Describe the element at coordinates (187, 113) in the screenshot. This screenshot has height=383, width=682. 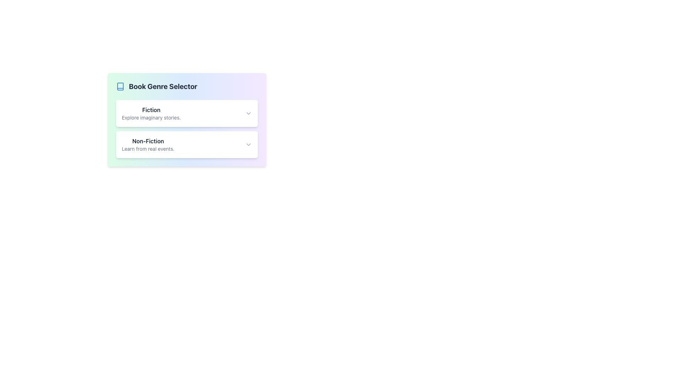
I see `the interactive dropdown button for selecting the book genre 'Fiction' located above the 'Non-Fiction' element` at that location.